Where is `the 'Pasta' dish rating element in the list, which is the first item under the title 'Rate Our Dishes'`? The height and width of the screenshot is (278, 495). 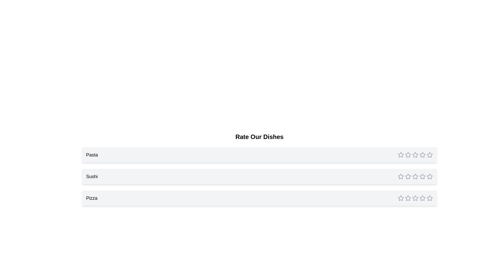 the 'Pasta' dish rating element in the list, which is the first item under the title 'Rate Our Dishes' is located at coordinates (259, 154).